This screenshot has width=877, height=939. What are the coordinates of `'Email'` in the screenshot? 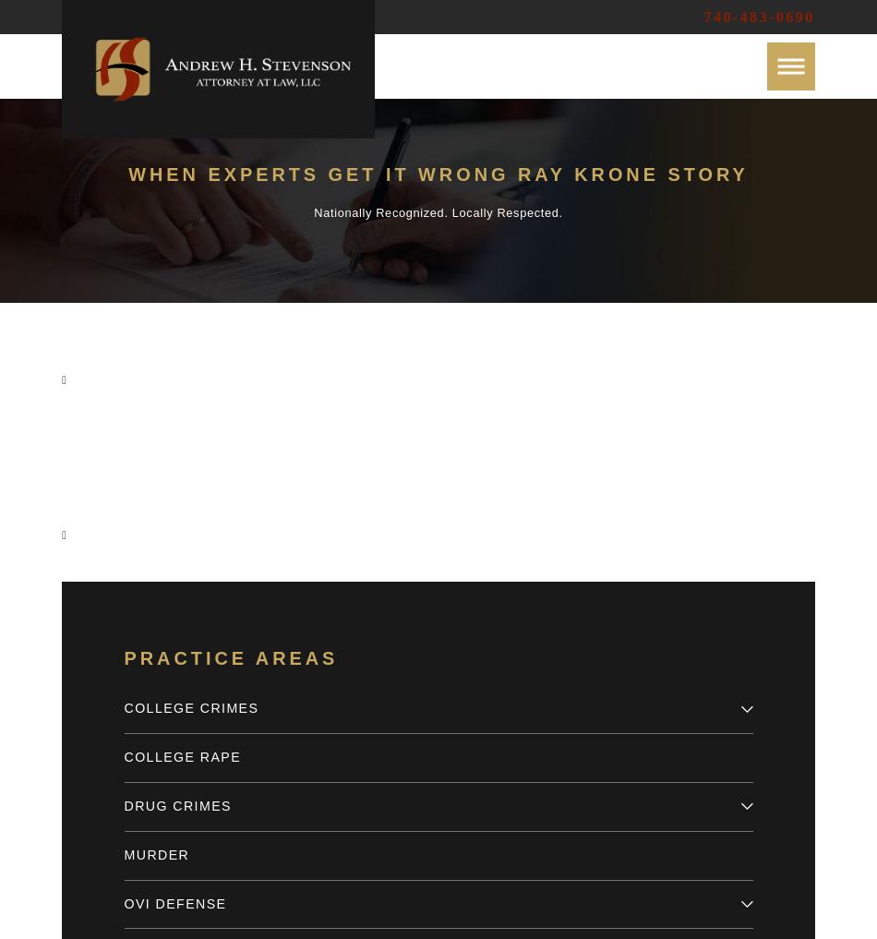 It's located at (475, 604).